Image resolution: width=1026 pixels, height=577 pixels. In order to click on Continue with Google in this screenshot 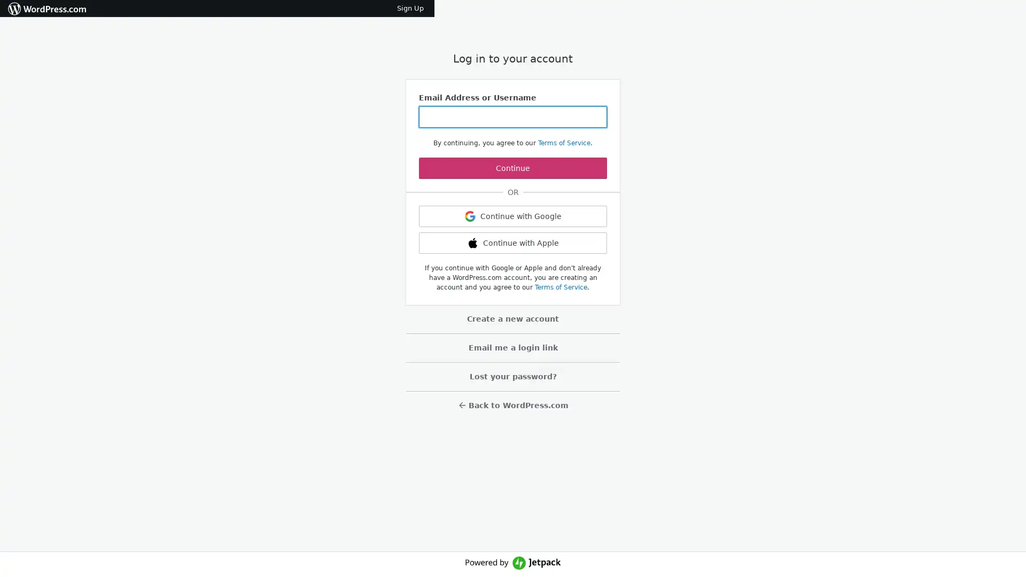, I will do `click(513, 216)`.